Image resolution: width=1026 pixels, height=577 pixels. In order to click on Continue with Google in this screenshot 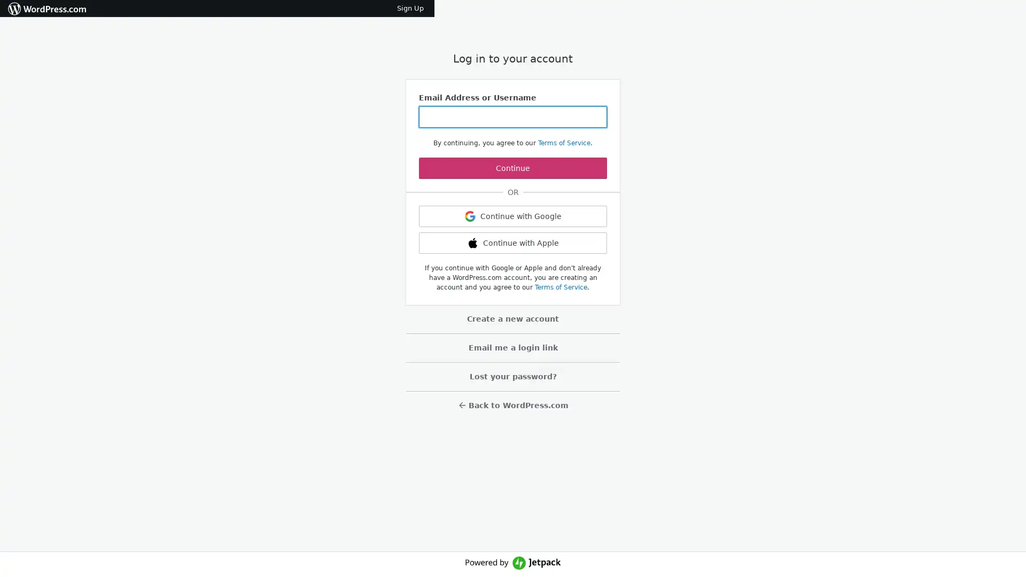, I will do `click(513, 216)`.